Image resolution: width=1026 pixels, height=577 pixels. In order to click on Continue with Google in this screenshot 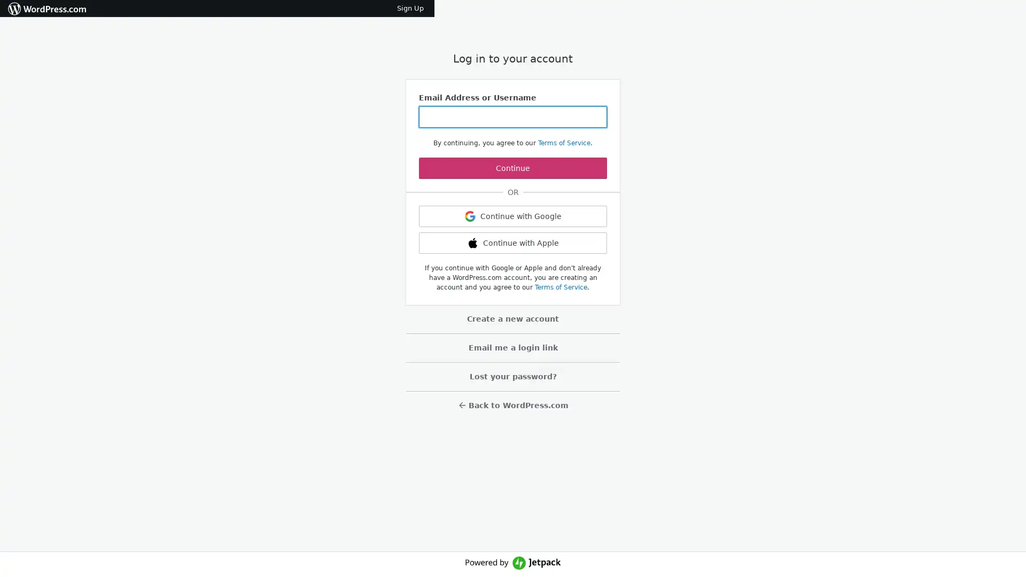, I will do `click(513, 216)`.